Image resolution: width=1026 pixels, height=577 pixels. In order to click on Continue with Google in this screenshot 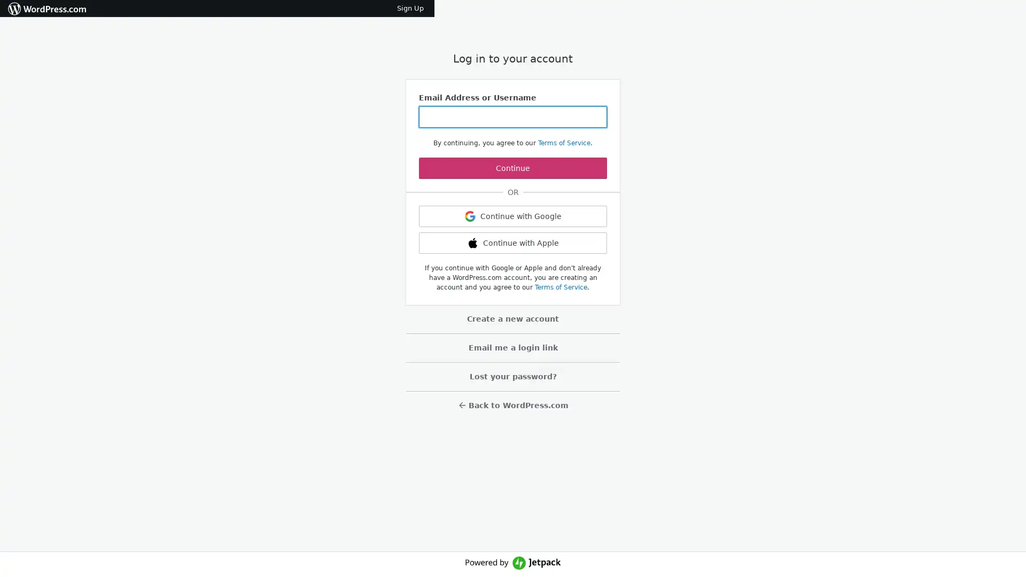, I will do `click(513, 216)`.